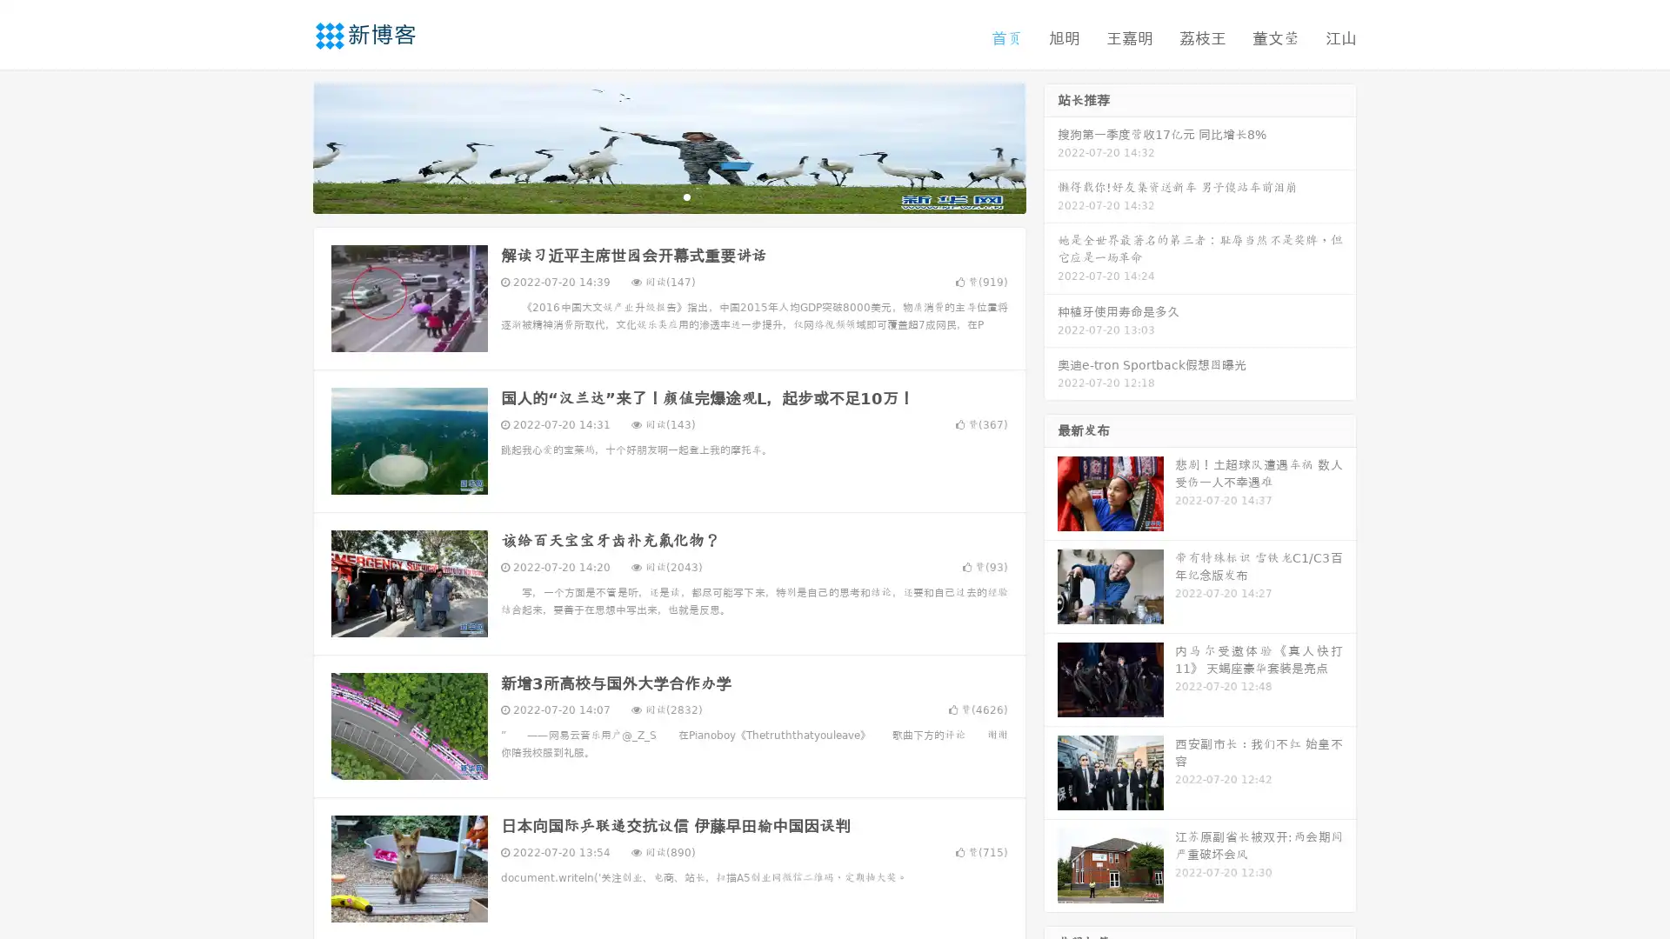 This screenshot has height=939, width=1670. I want to click on Previous slide, so click(287, 146).